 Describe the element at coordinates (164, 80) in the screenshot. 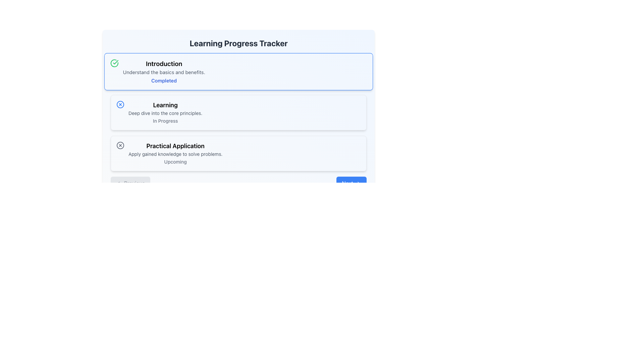

I see `the Text Label indicating the completion status of the 'Introduction' section, located at the bottom-right of the box below the text 'Understand the basics and benefits.'` at that location.